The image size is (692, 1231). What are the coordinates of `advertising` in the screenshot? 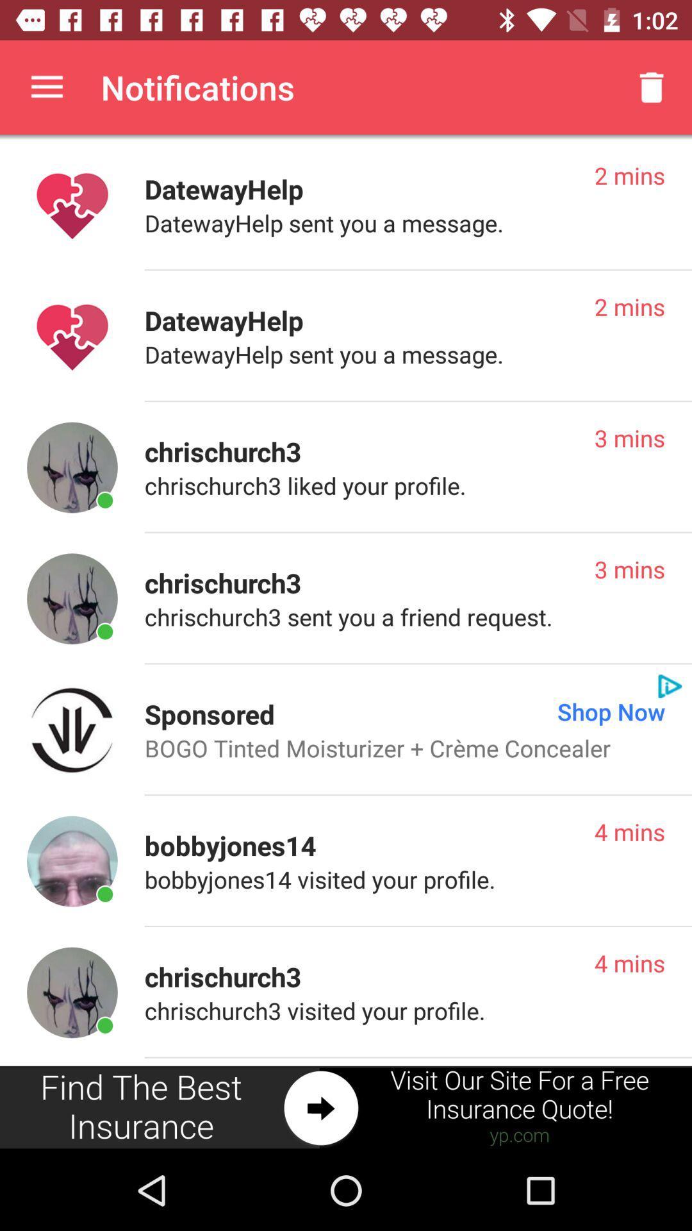 It's located at (346, 1107).